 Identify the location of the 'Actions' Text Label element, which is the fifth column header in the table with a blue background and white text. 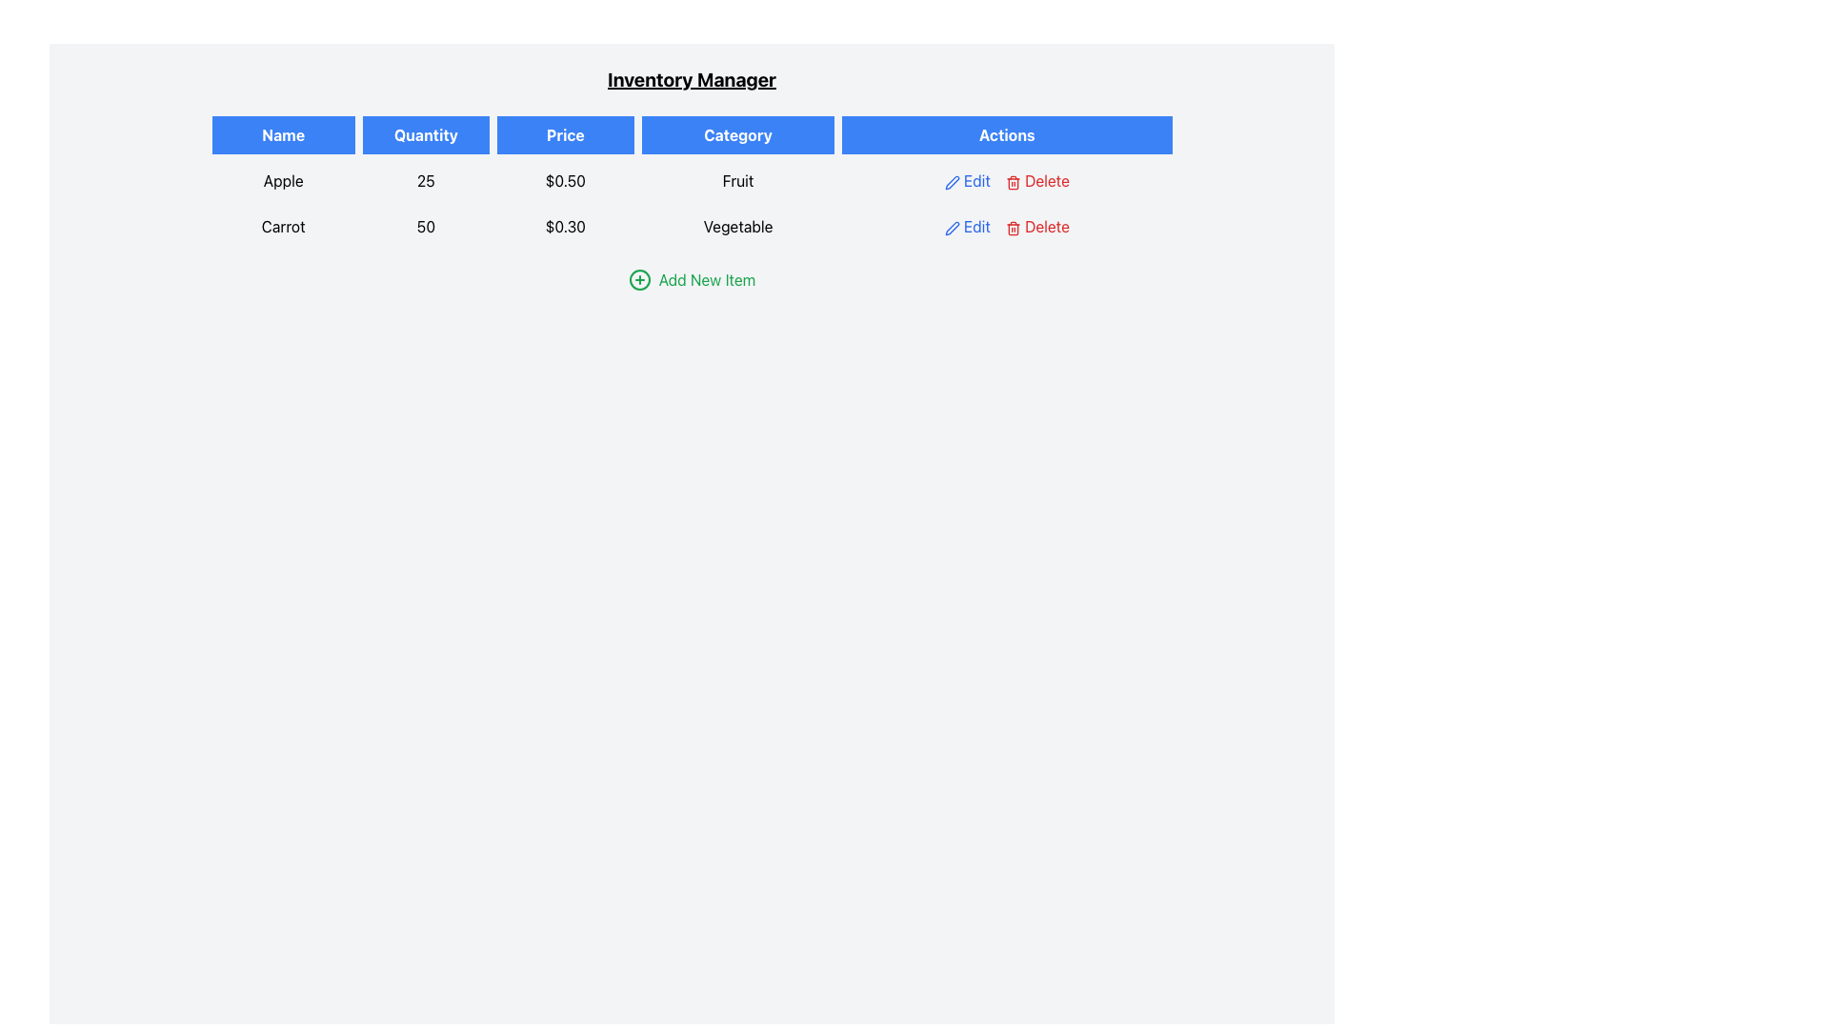
(1006, 134).